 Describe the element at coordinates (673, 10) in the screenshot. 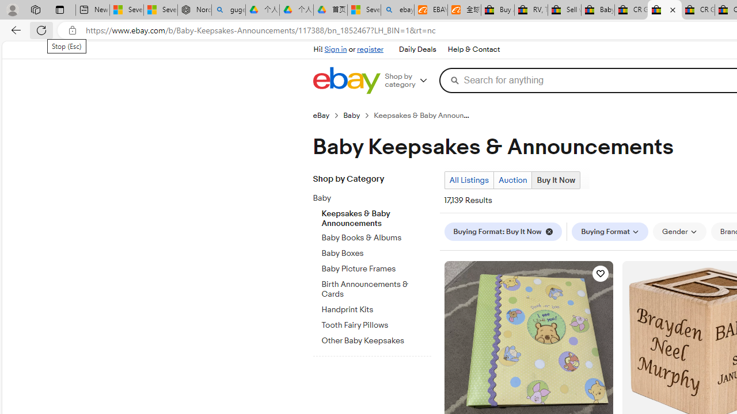

I see `'Close tab'` at that location.